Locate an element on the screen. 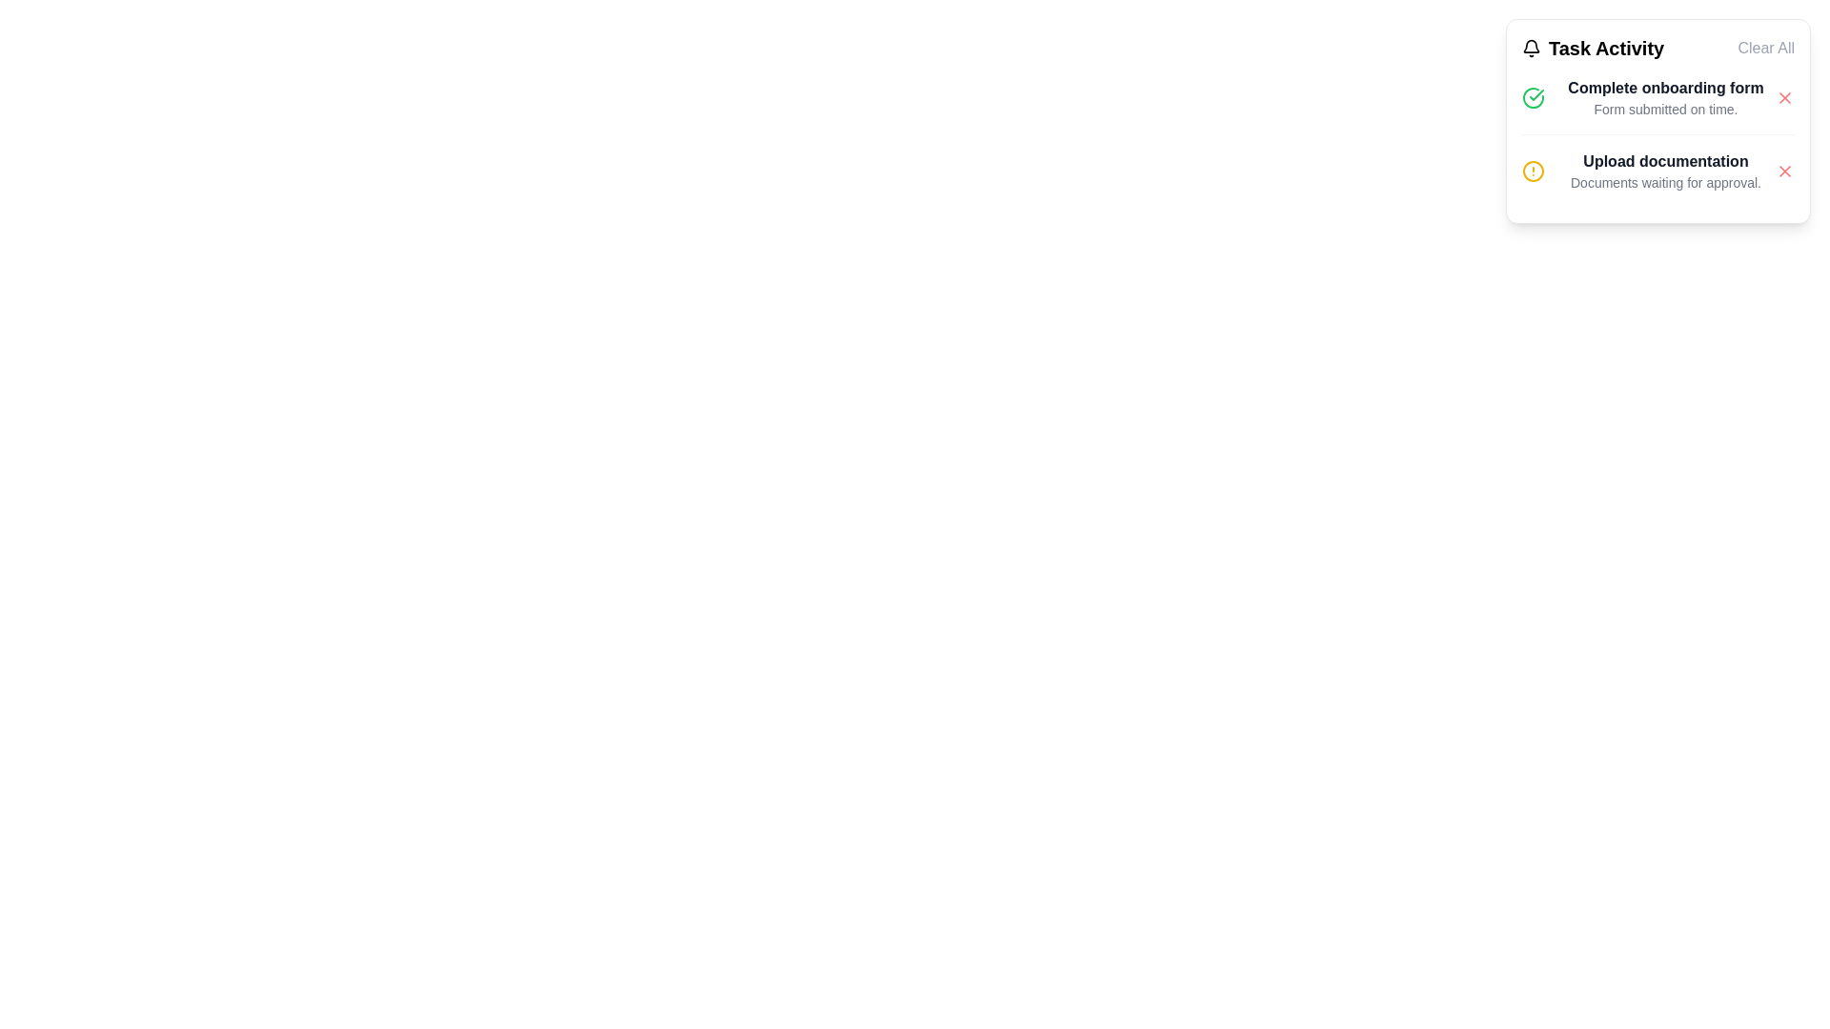 This screenshot has height=1029, width=1830. the delete button located at the far right of the row labeled 'Complete onboarding form' to observe a color change effect is located at coordinates (1783, 98).